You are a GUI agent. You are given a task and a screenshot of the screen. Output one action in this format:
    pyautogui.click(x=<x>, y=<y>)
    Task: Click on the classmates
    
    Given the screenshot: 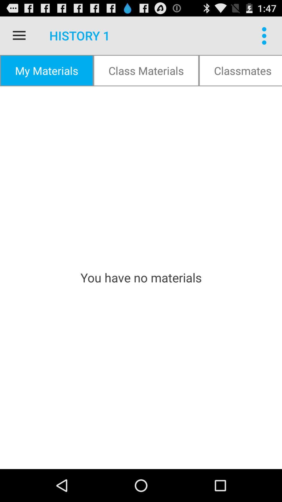 What is the action you would take?
    pyautogui.click(x=240, y=70)
    